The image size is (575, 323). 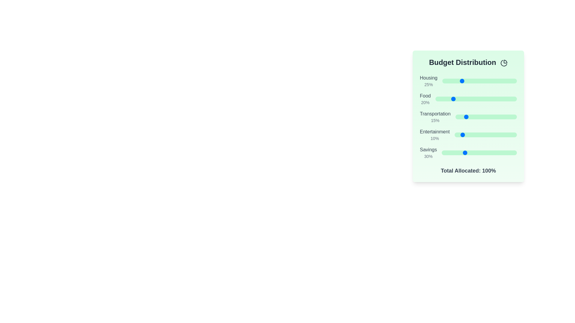 What do you see at coordinates (475, 152) in the screenshot?
I see `the 'Savings' slider to set its value to 45%` at bounding box center [475, 152].